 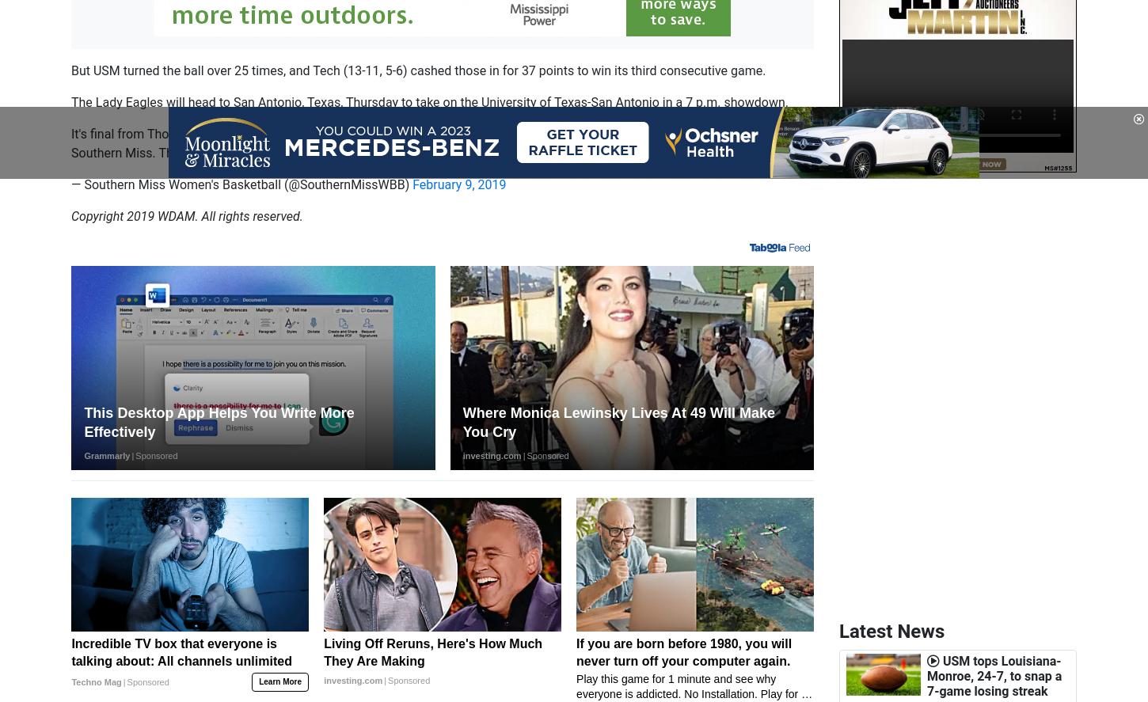 I want to click on 'The Lady Eagles will head to San Antonio, Texas, Thursday to take on the University of Texas-San Antonio in a 7 p.m. showdown.', so click(x=71, y=101).